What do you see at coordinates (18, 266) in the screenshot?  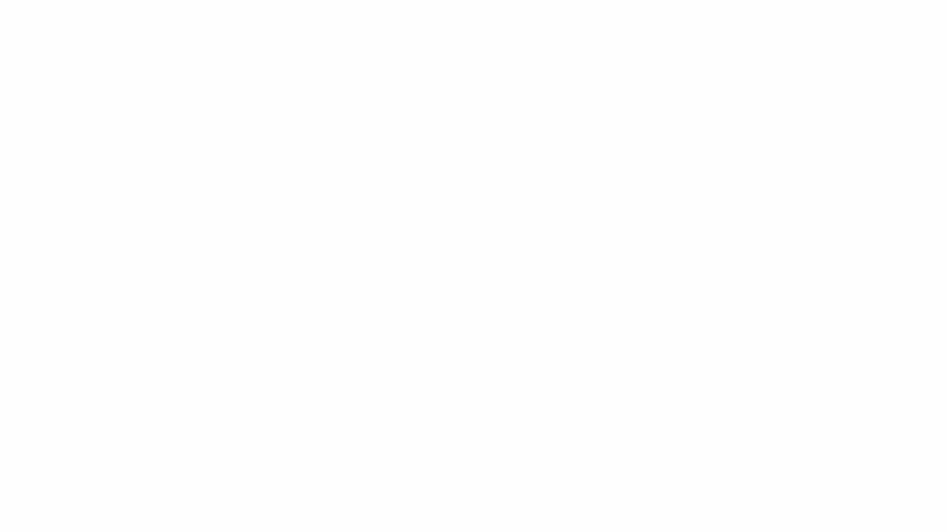 I see `Previous` at bounding box center [18, 266].